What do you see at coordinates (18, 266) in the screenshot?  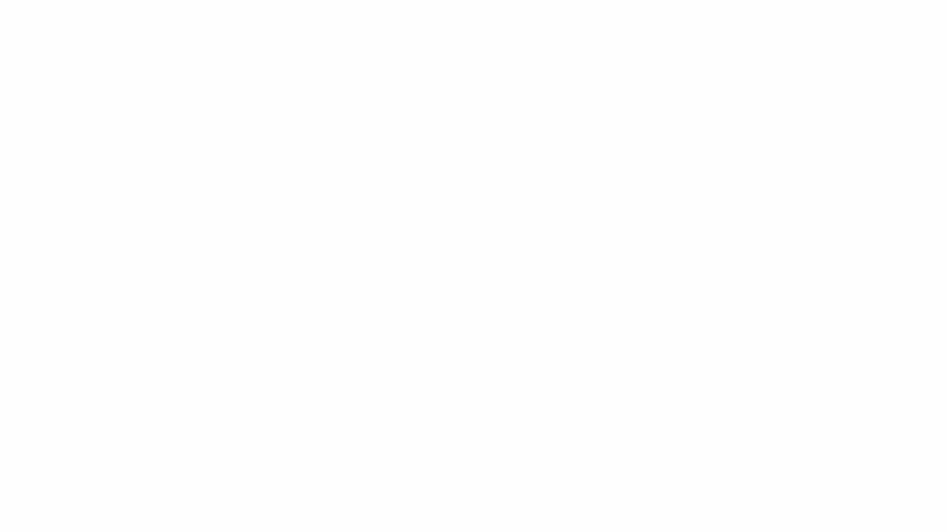 I see `Previous` at bounding box center [18, 266].